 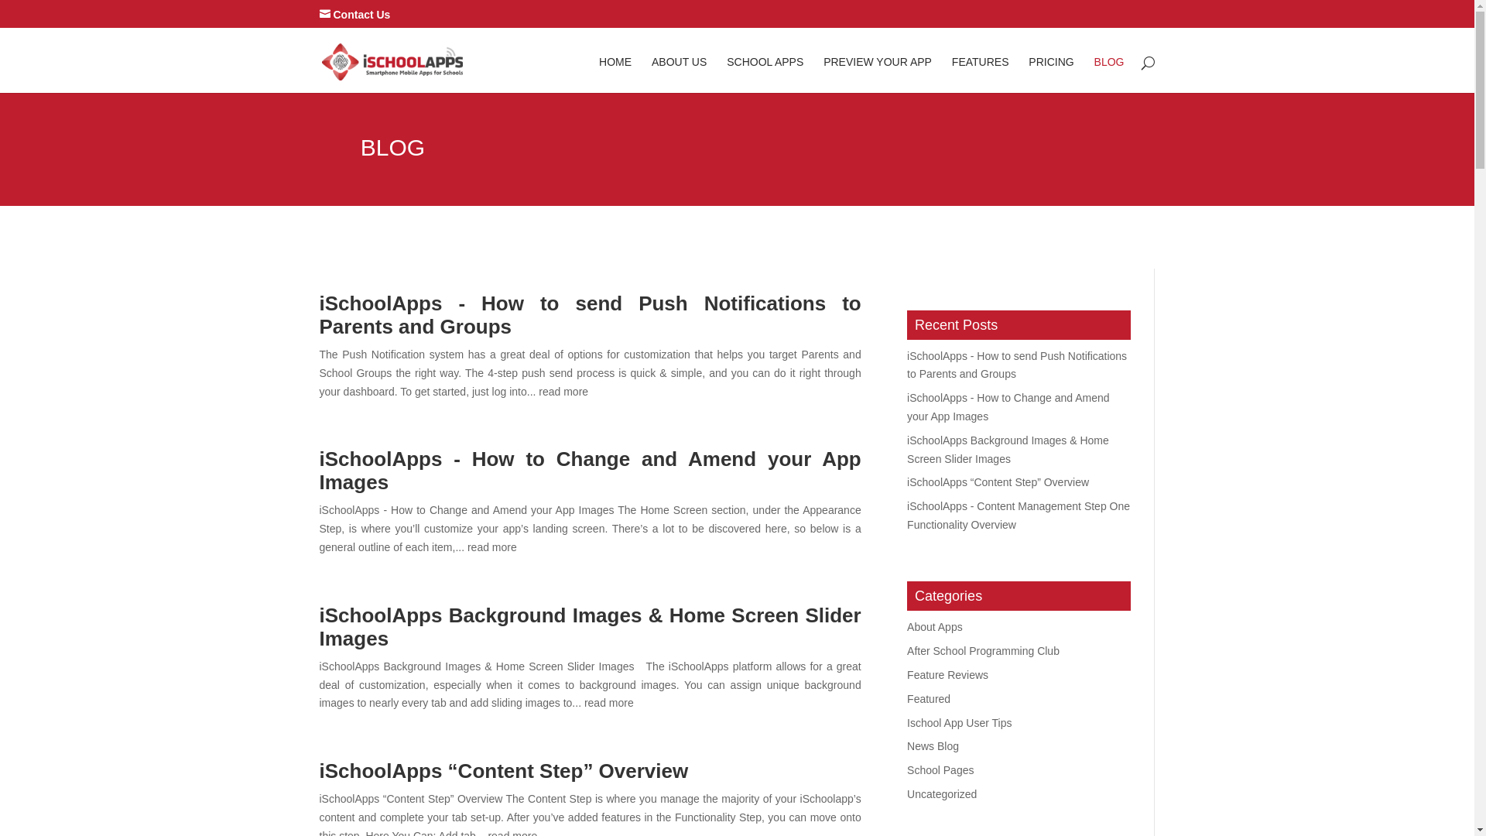 What do you see at coordinates (980, 74) in the screenshot?
I see `'FEATURES'` at bounding box center [980, 74].